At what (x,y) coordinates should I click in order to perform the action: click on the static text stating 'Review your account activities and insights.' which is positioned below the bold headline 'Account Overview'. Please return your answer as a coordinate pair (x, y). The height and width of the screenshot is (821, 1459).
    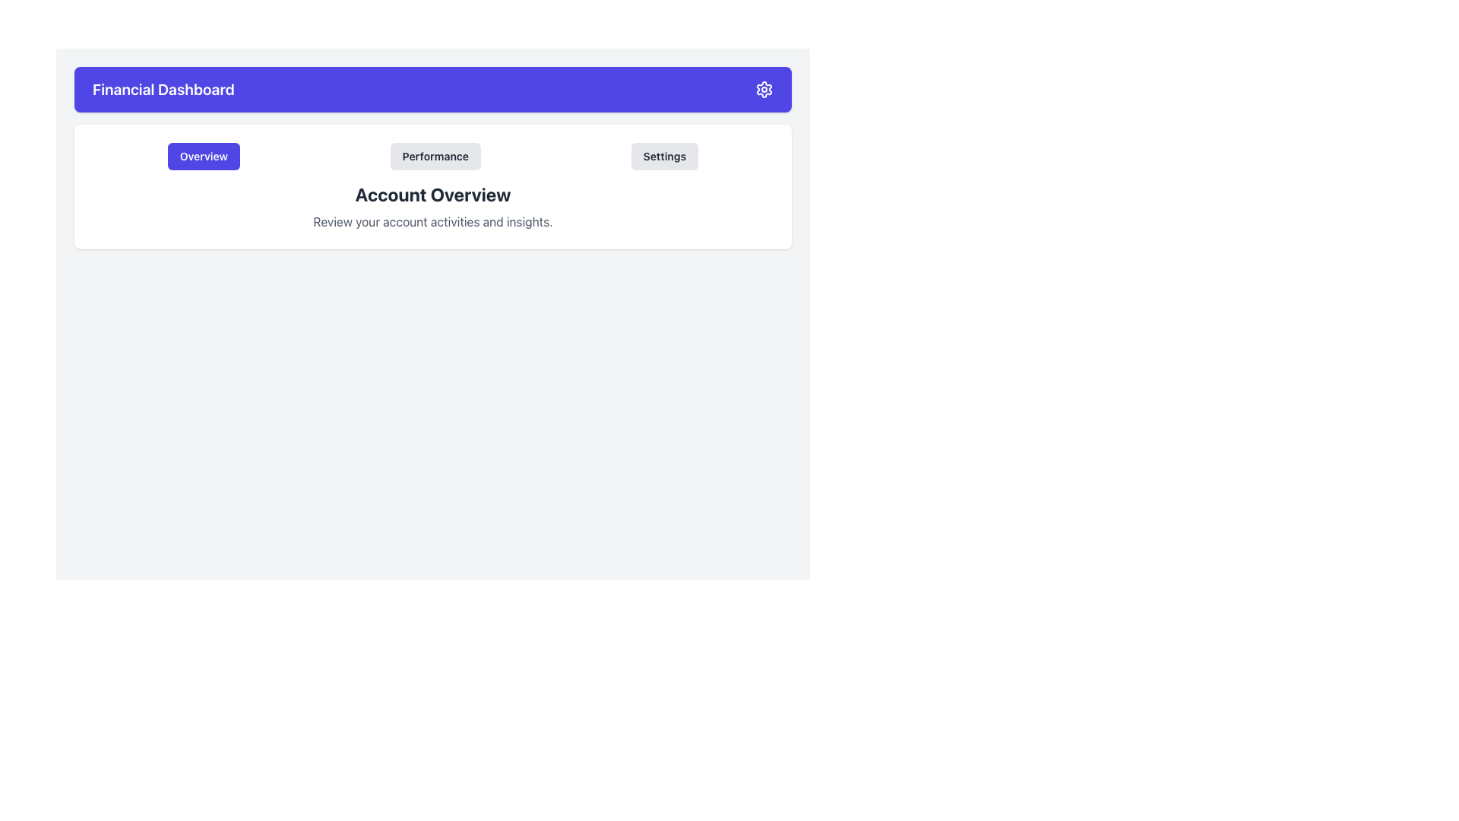
    Looking at the image, I should click on (432, 222).